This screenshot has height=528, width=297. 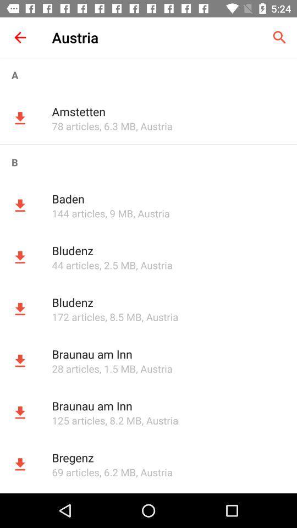 What do you see at coordinates (148, 162) in the screenshot?
I see `the b icon` at bounding box center [148, 162].